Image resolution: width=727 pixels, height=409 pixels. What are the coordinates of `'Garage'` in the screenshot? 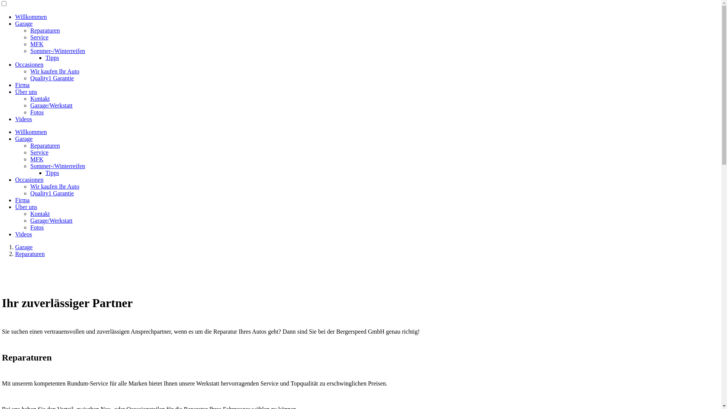 It's located at (23, 139).